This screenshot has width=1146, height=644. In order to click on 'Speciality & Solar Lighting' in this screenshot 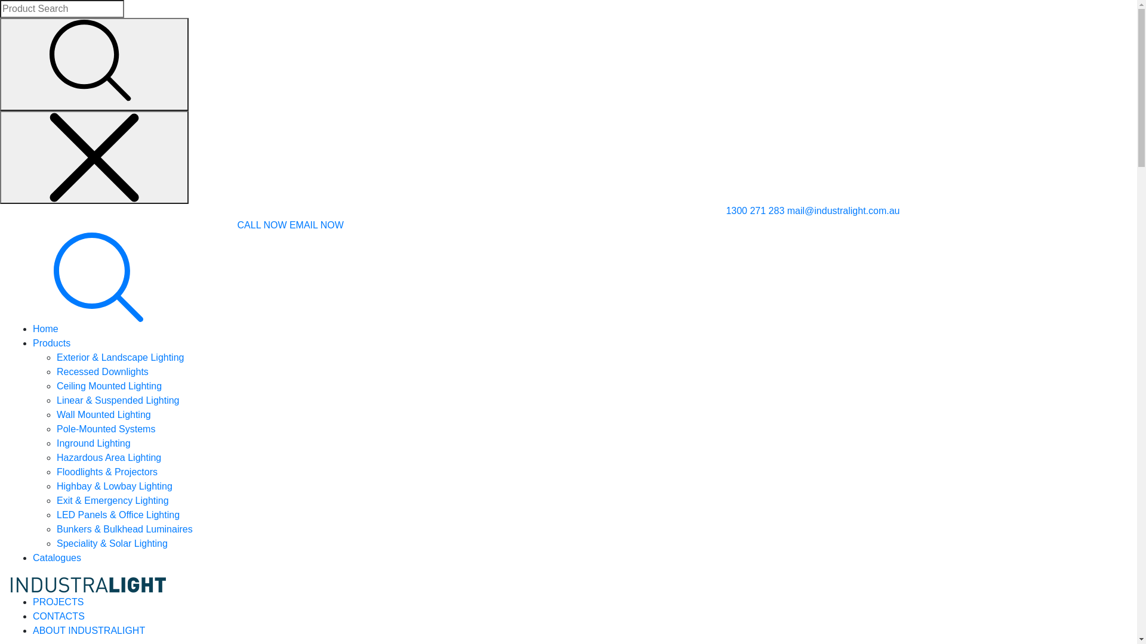, I will do `click(112, 543)`.